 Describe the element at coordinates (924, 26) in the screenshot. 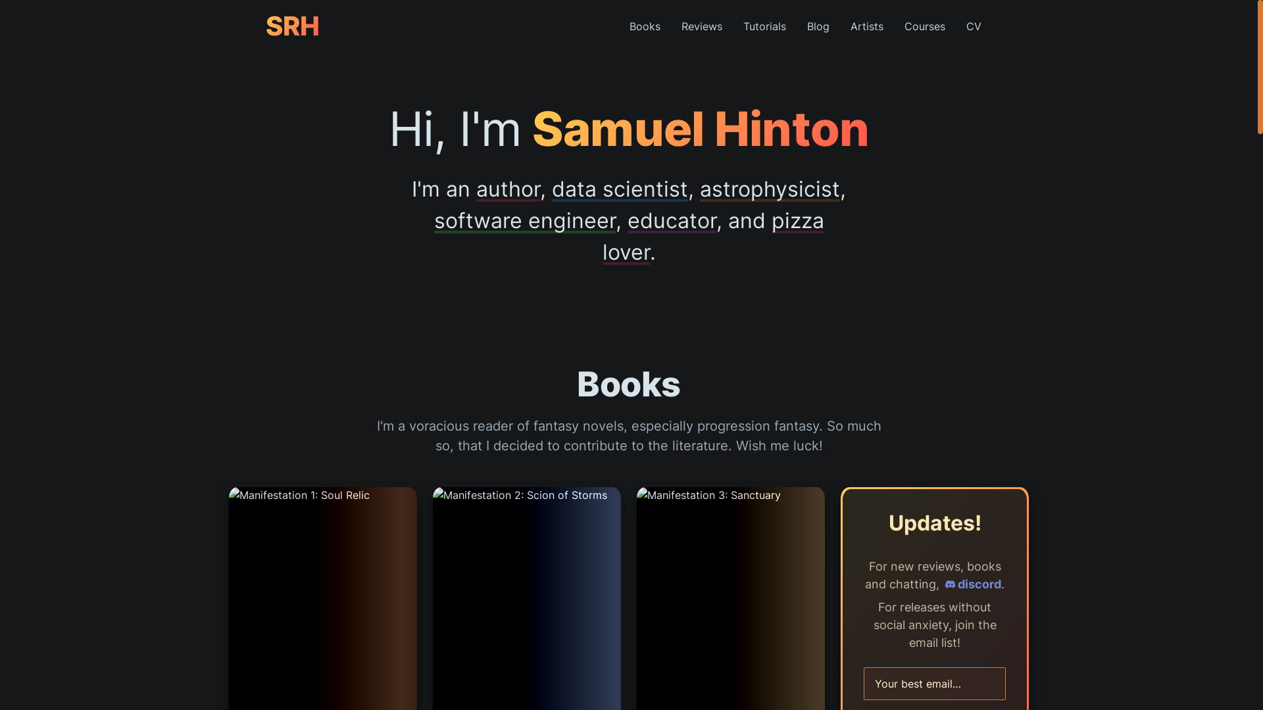

I see `'Courses'` at that location.